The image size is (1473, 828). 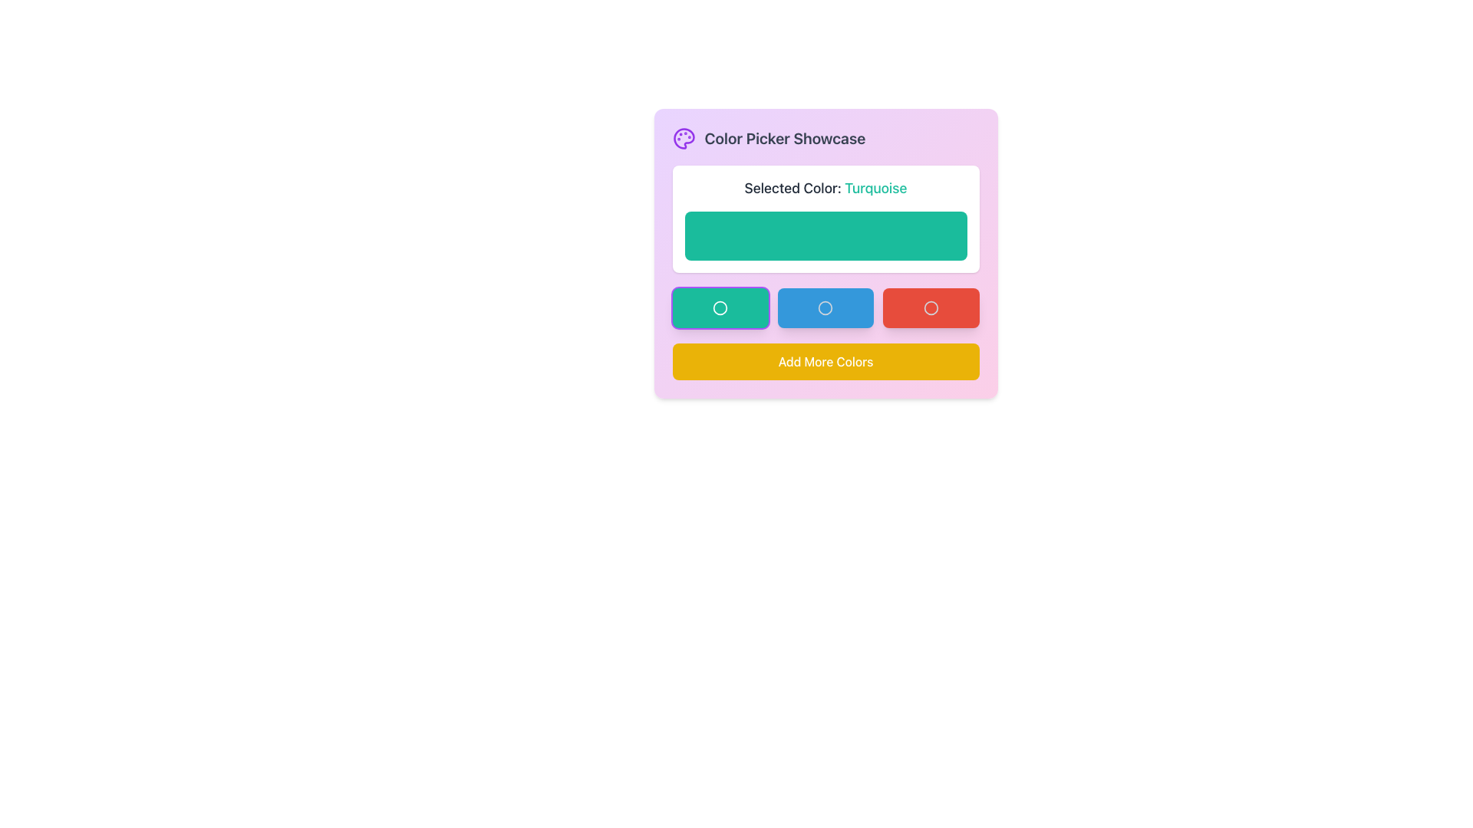 I want to click on displayed heading of the Header element, which is the title for the color picker functionality and is located at the top of the user interface with a gradient purple-to-pink background, so click(x=825, y=139).